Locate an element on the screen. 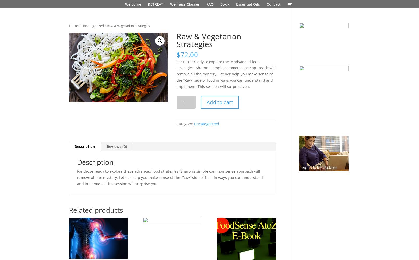 The width and height of the screenshot is (419, 260). 'RETREAT' is located at coordinates (155, 4).